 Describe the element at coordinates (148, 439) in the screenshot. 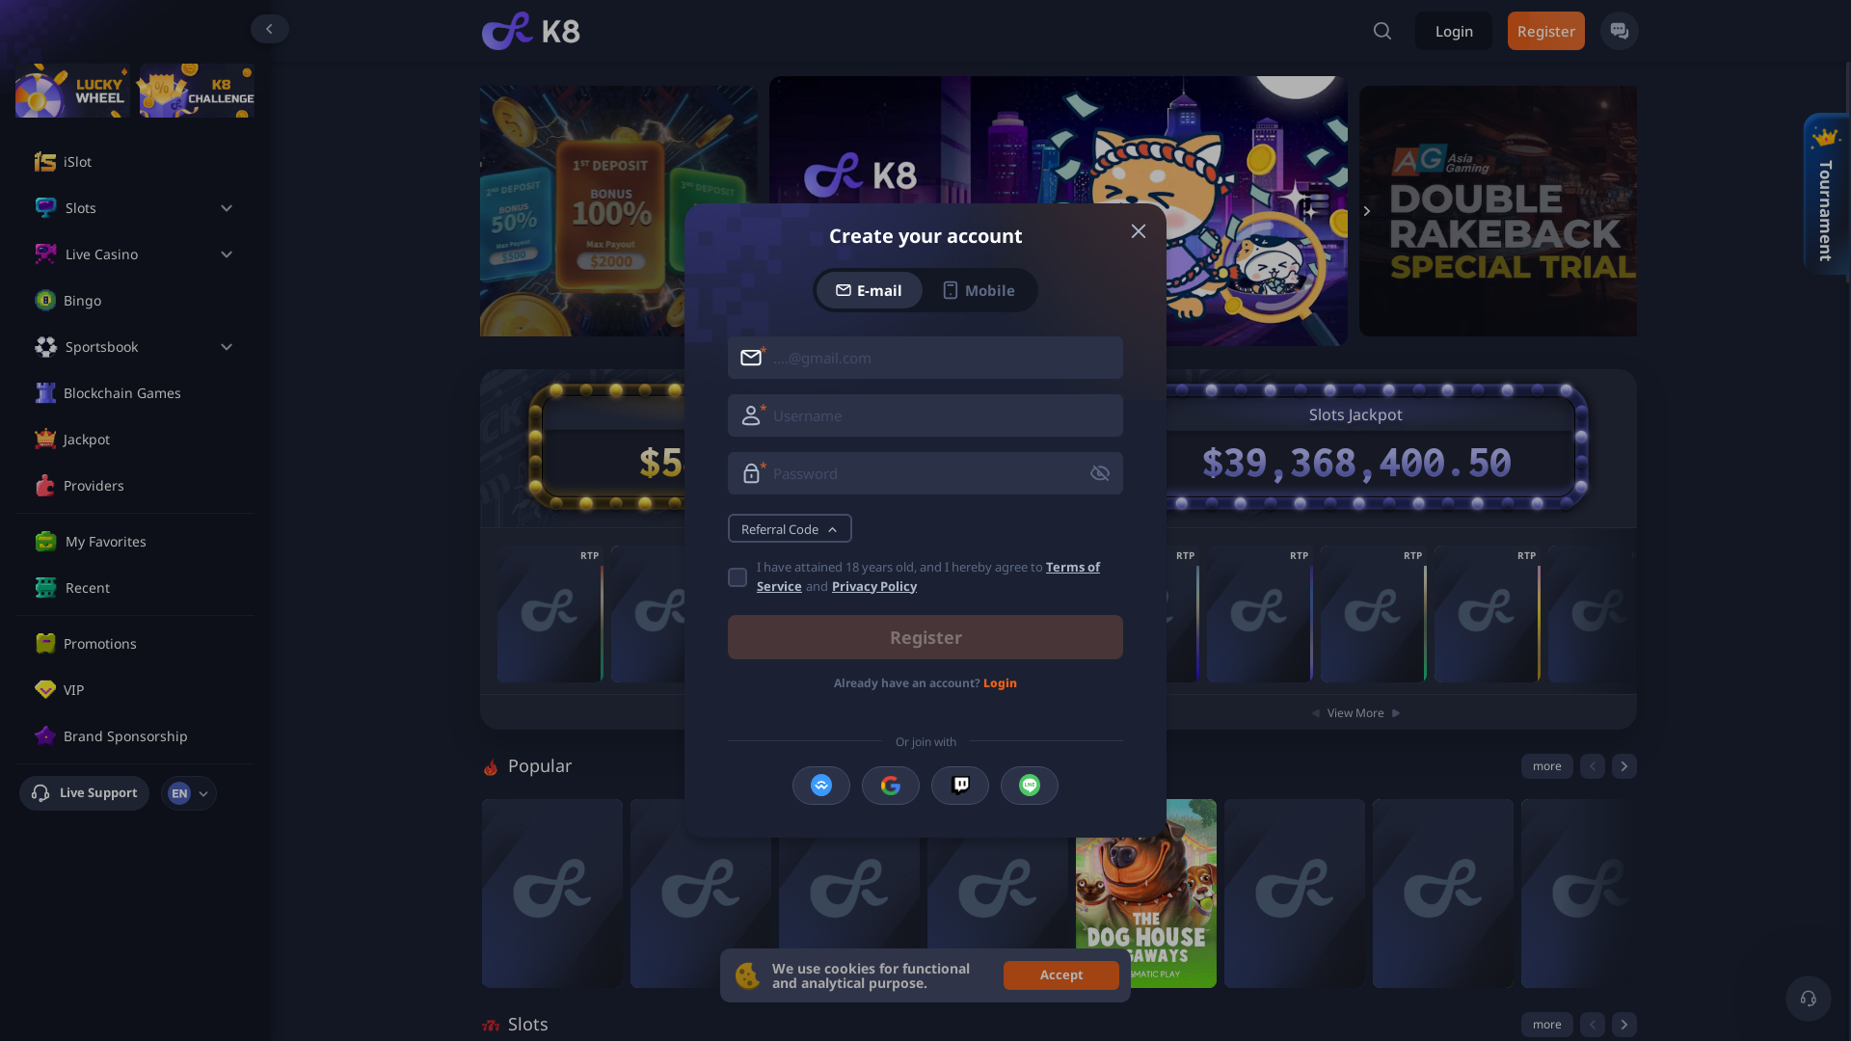

I see `'Jackpot'` at that location.